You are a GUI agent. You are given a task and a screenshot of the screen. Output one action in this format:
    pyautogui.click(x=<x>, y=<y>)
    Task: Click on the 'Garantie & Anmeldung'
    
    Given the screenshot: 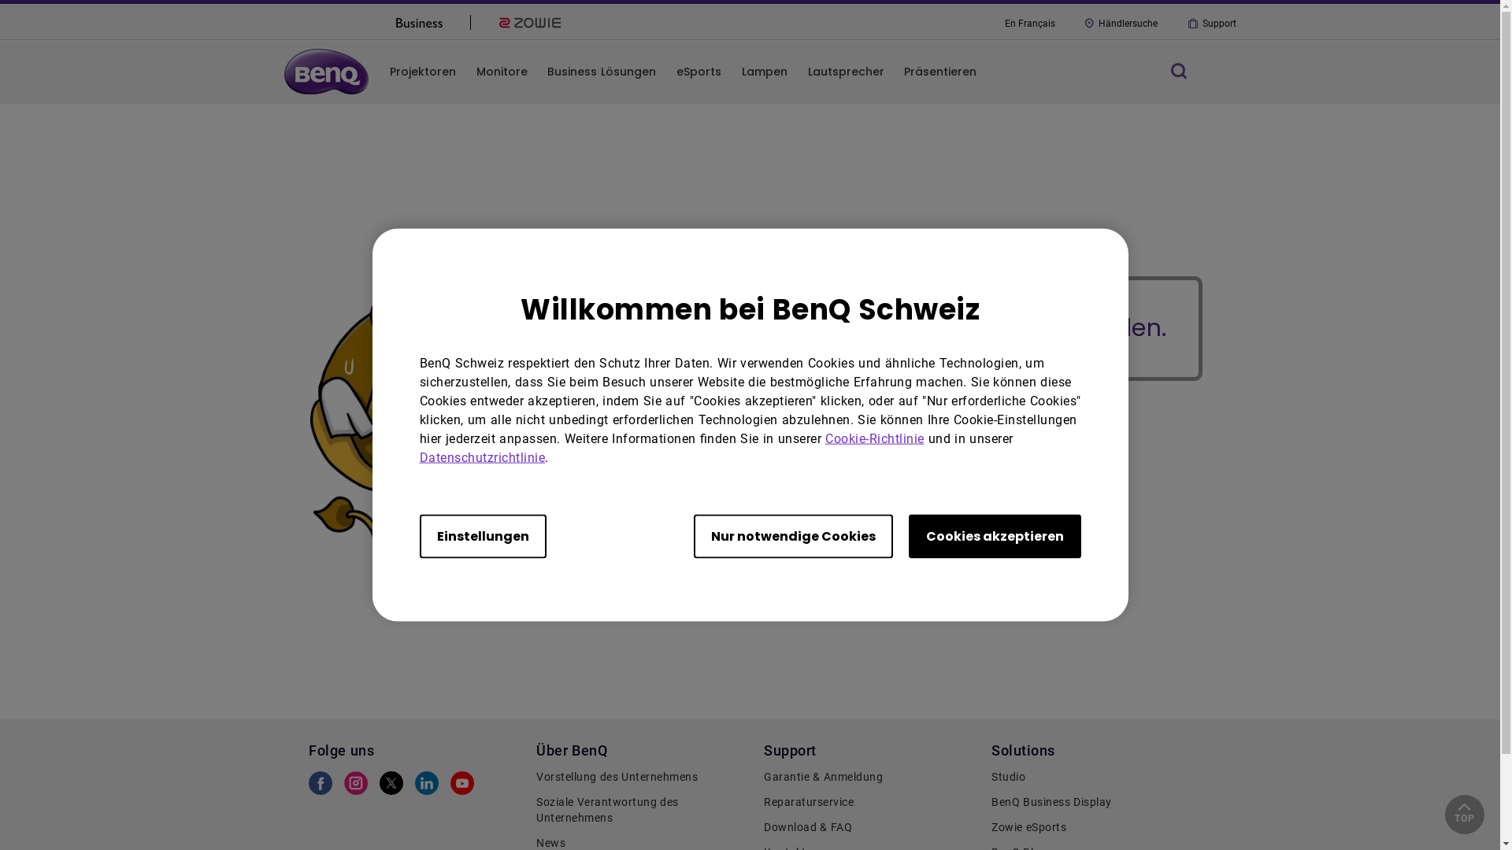 What is the action you would take?
    pyautogui.click(x=869, y=776)
    